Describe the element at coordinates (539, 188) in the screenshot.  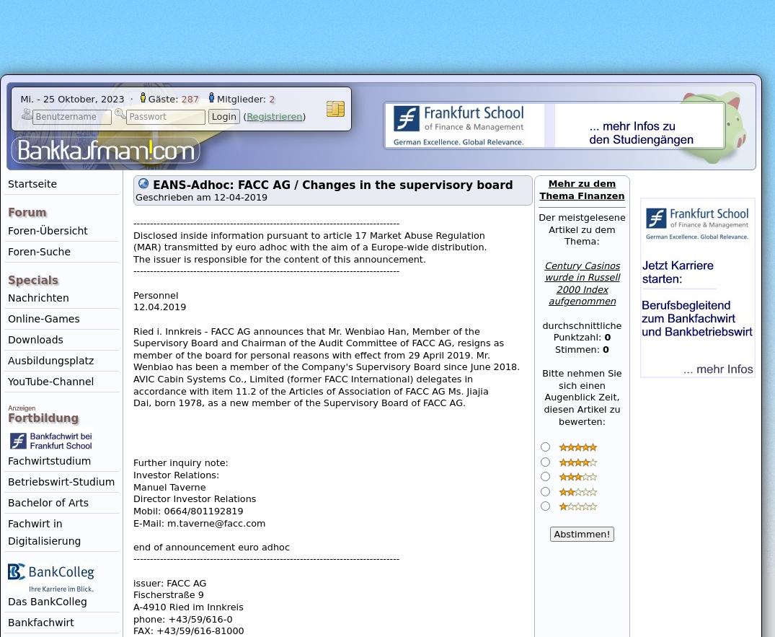
I see `'Mehr zu dem Thema Finanzen'` at that location.